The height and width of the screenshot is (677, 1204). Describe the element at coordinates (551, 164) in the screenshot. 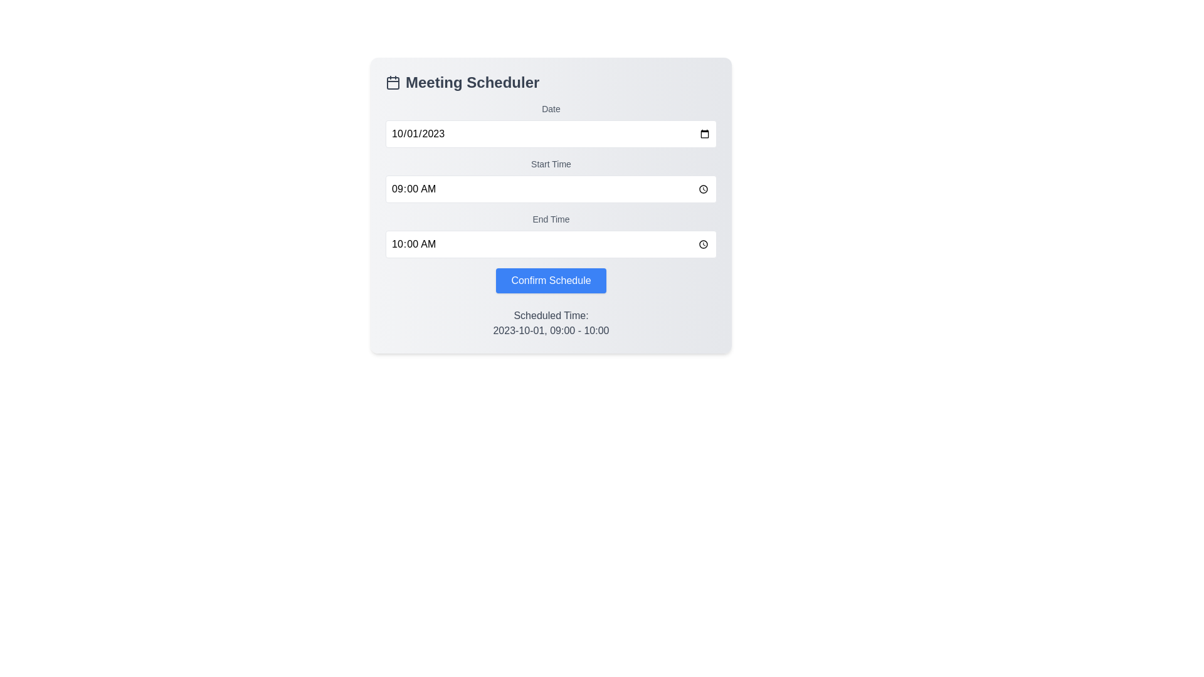

I see `the 'Start Time' static text label, which displays the text in medium gray font, located between the date input field and the '09:00 AM' time input field` at that location.